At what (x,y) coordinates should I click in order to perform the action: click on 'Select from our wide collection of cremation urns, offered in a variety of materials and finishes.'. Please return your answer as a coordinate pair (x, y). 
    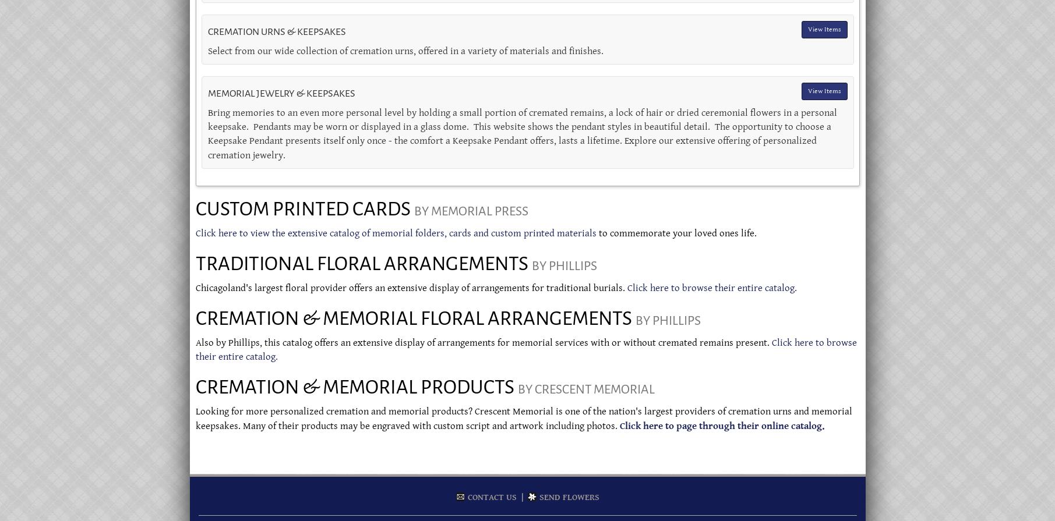
    Looking at the image, I should click on (405, 50).